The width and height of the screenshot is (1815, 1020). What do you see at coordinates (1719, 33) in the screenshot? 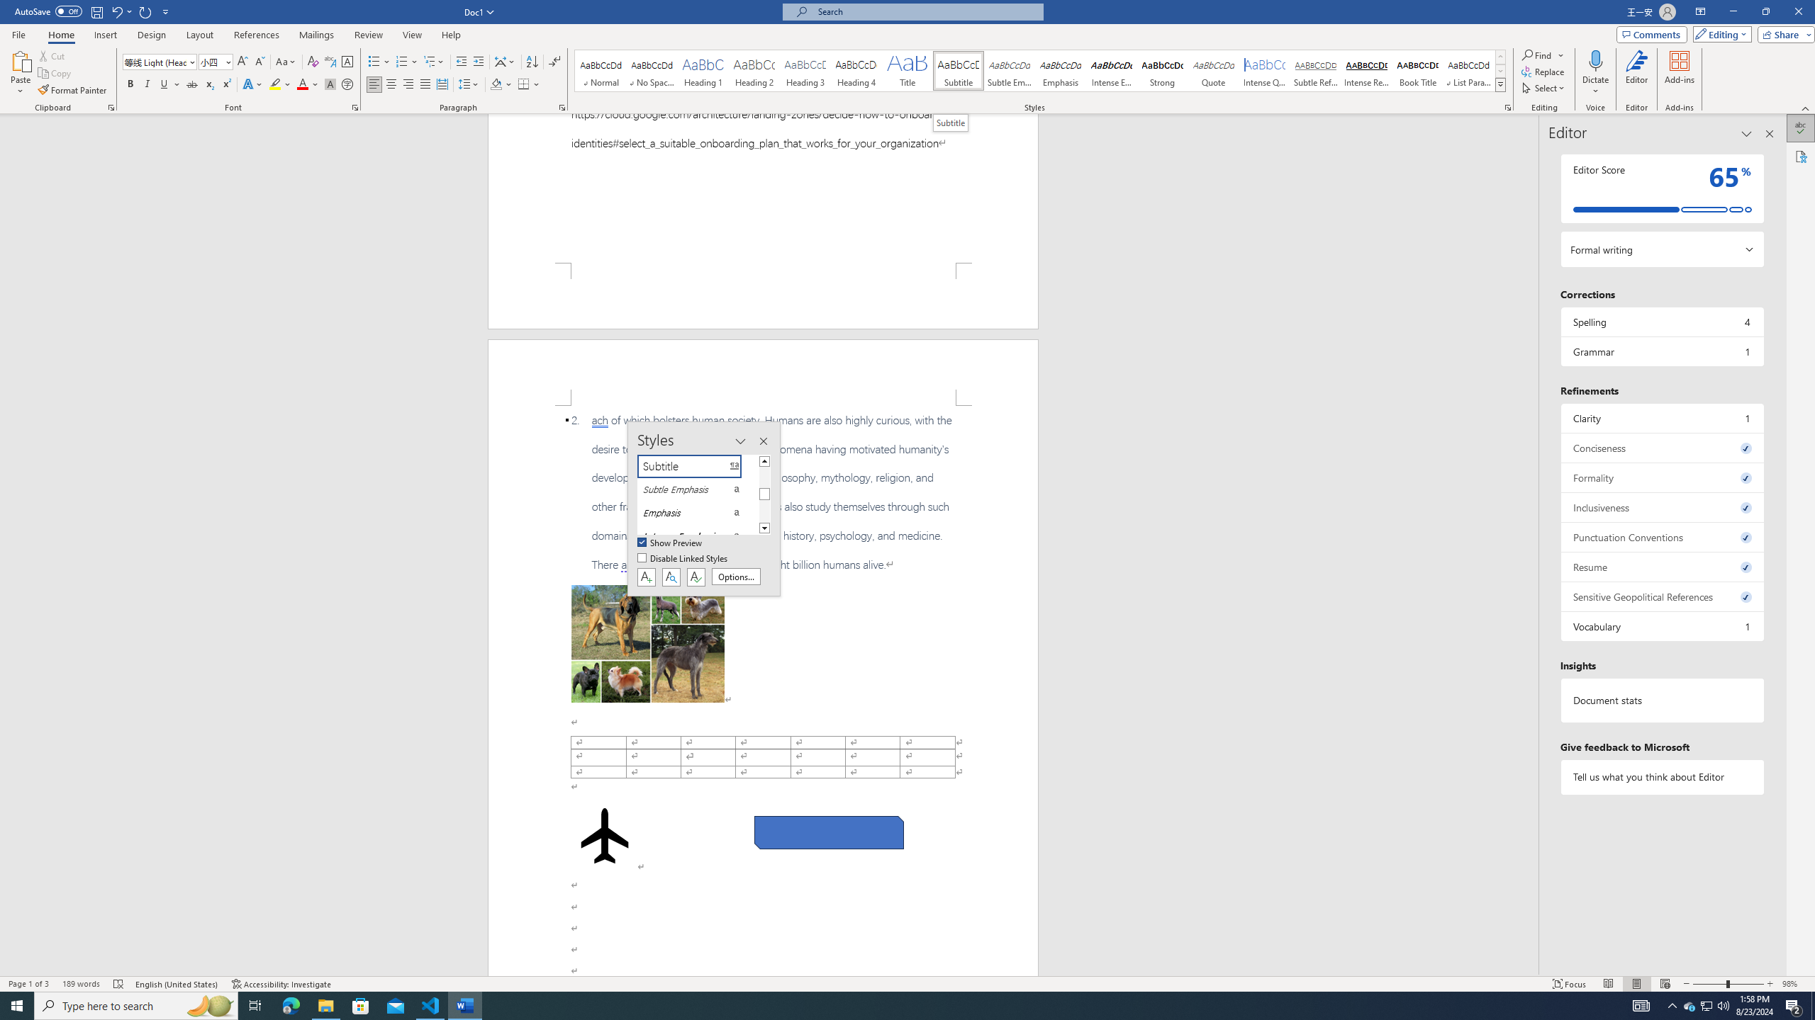
I see `'Editing'` at bounding box center [1719, 33].